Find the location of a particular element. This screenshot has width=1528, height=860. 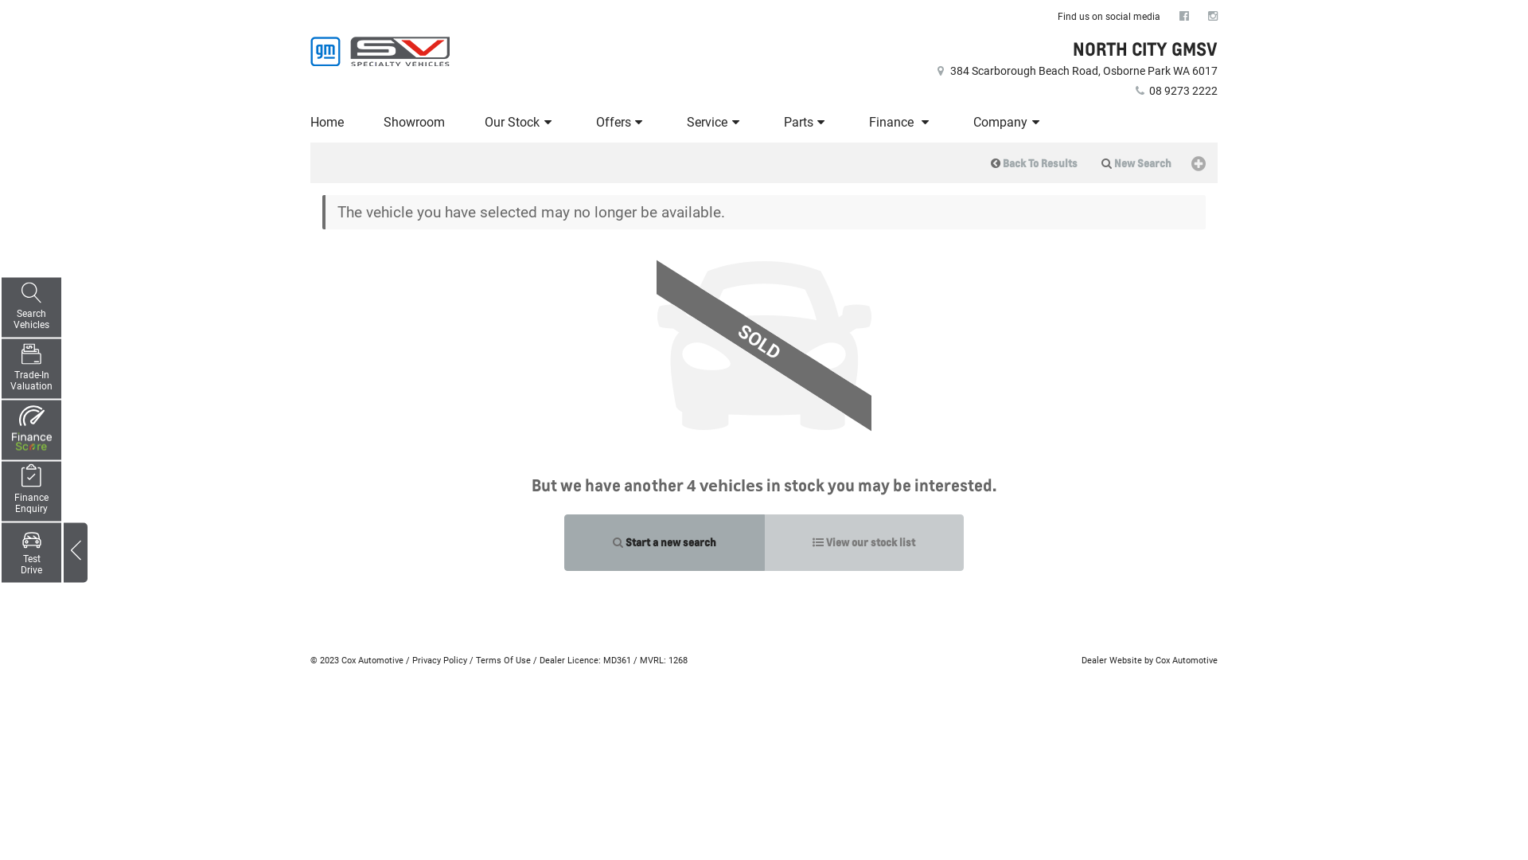

'Privacy Policy' is located at coordinates (439, 660).